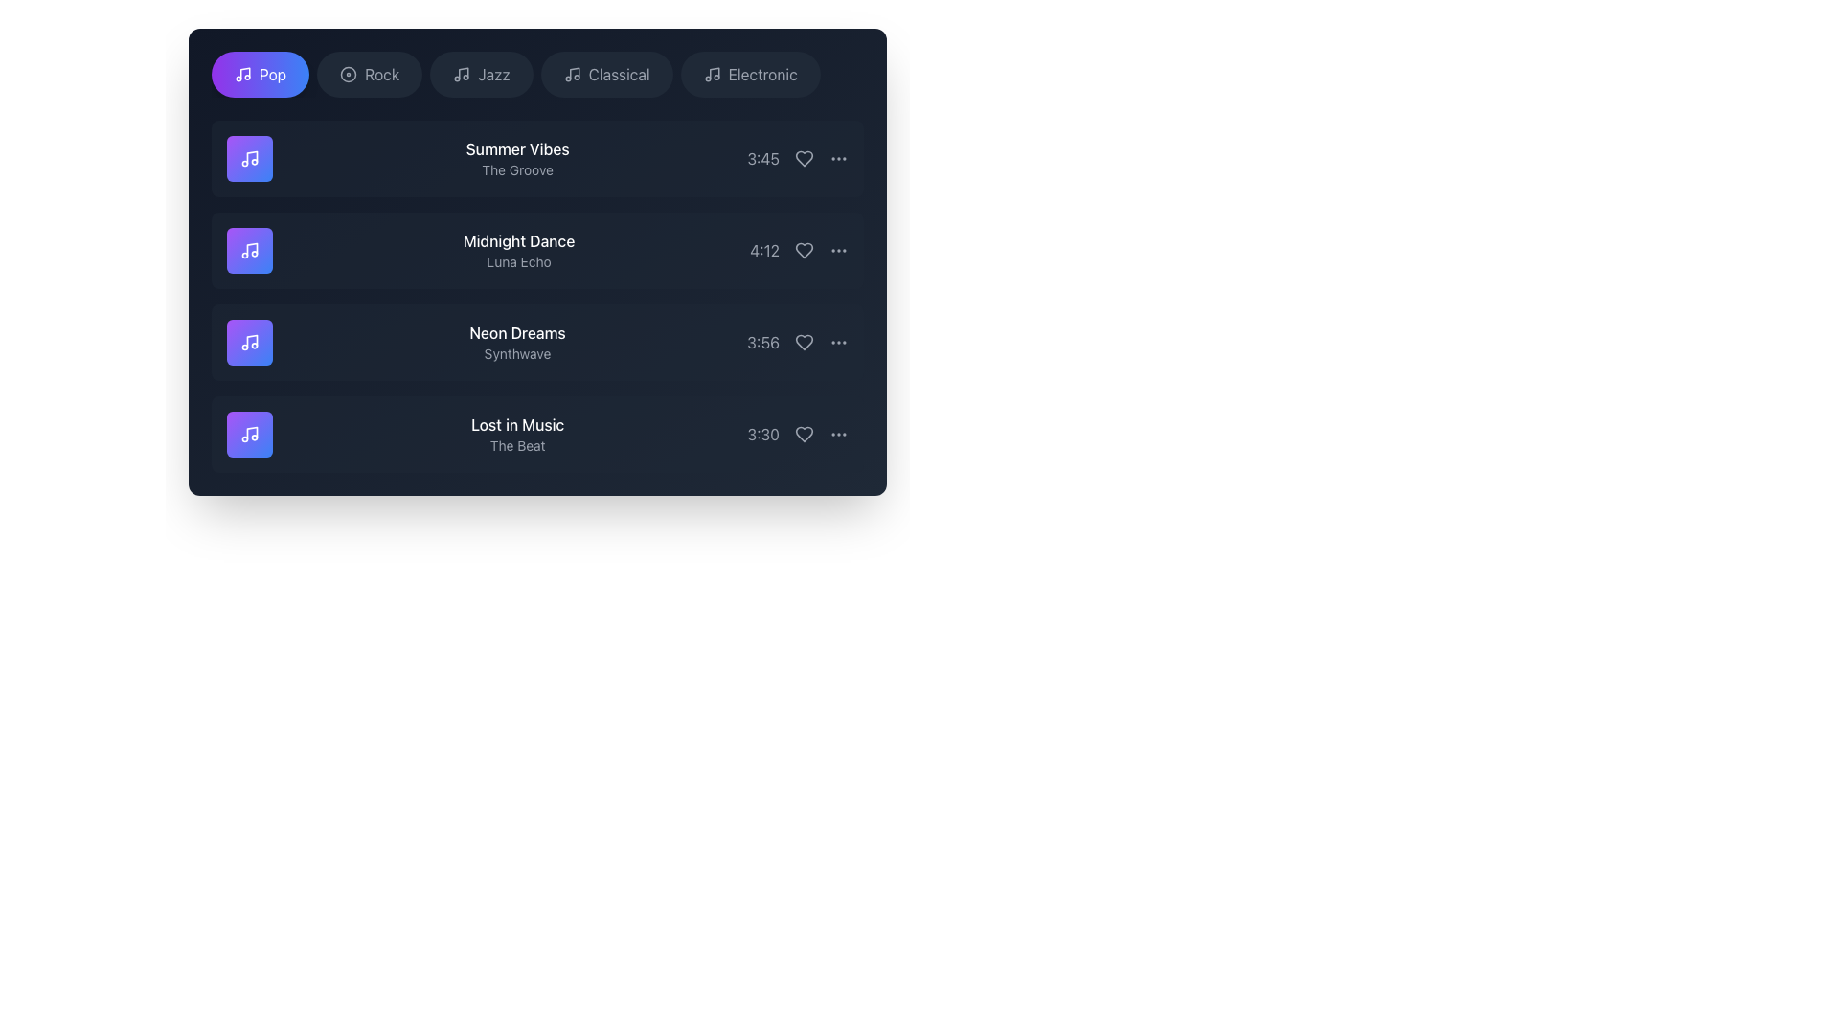 This screenshot has height=1034, width=1839. I want to click on the heart-shaped favorite button located to the right of the 'Neon Dreams' item to favorite it, so click(805, 342).